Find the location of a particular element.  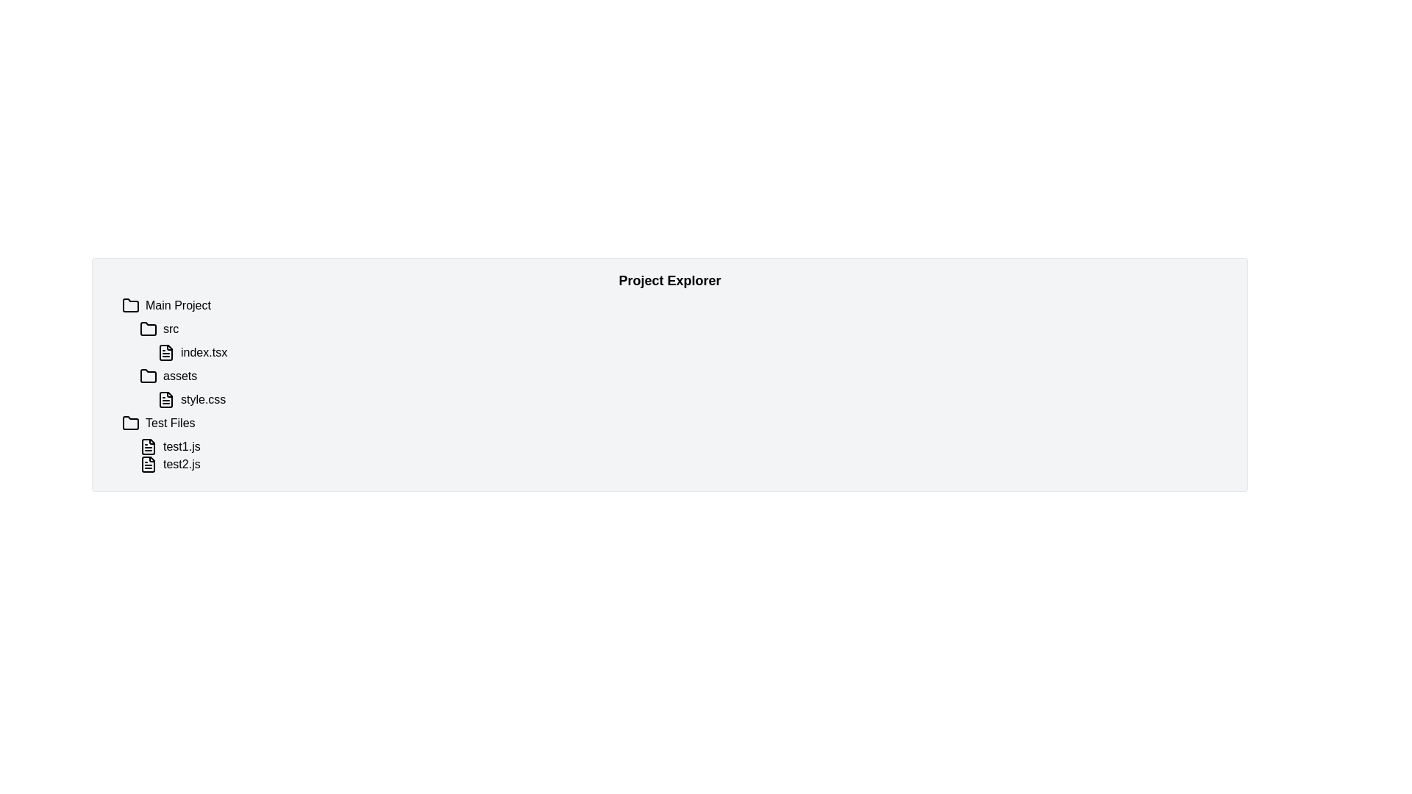

the folder icon located directly before the 'assets' label is located at coordinates (148, 375).